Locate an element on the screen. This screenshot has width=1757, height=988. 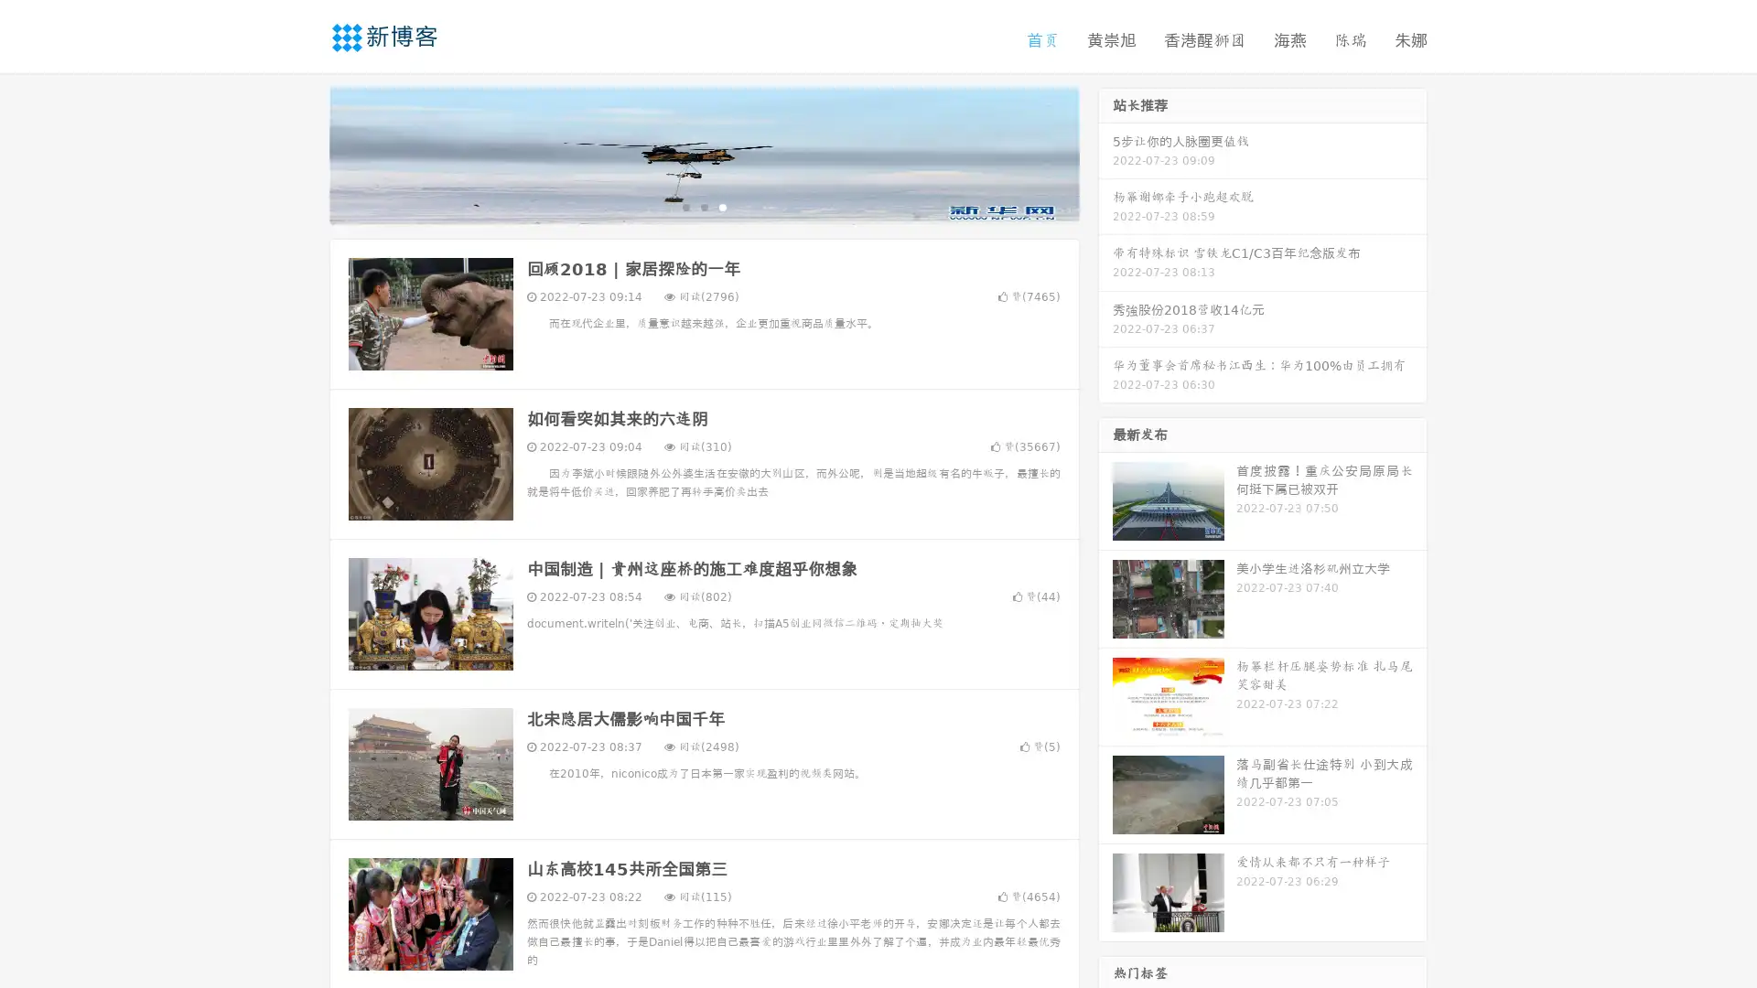
Previous slide is located at coordinates (302, 154).